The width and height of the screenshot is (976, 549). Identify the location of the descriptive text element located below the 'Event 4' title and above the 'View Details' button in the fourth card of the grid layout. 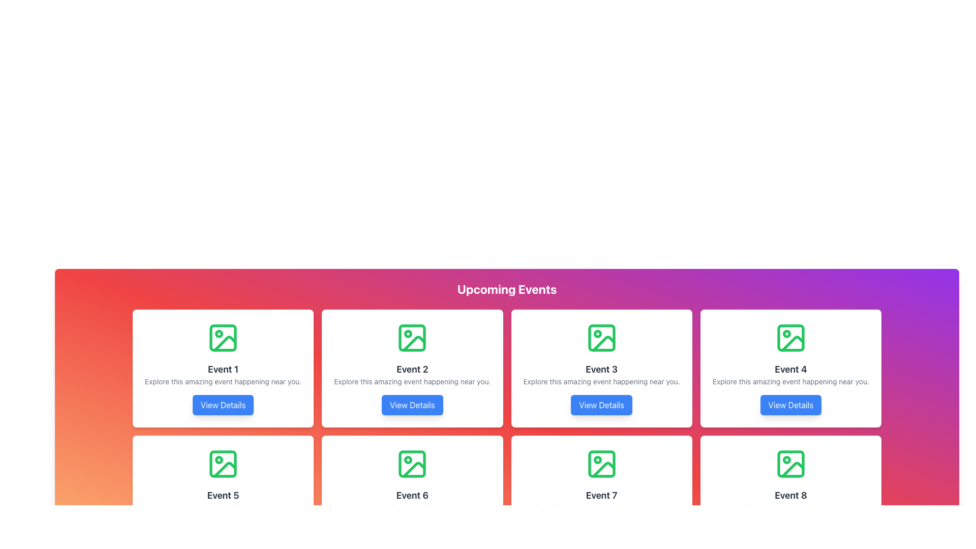
(790, 382).